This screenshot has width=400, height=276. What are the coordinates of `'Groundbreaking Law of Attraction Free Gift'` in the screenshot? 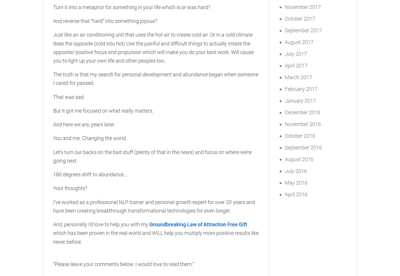 It's located at (198, 224).